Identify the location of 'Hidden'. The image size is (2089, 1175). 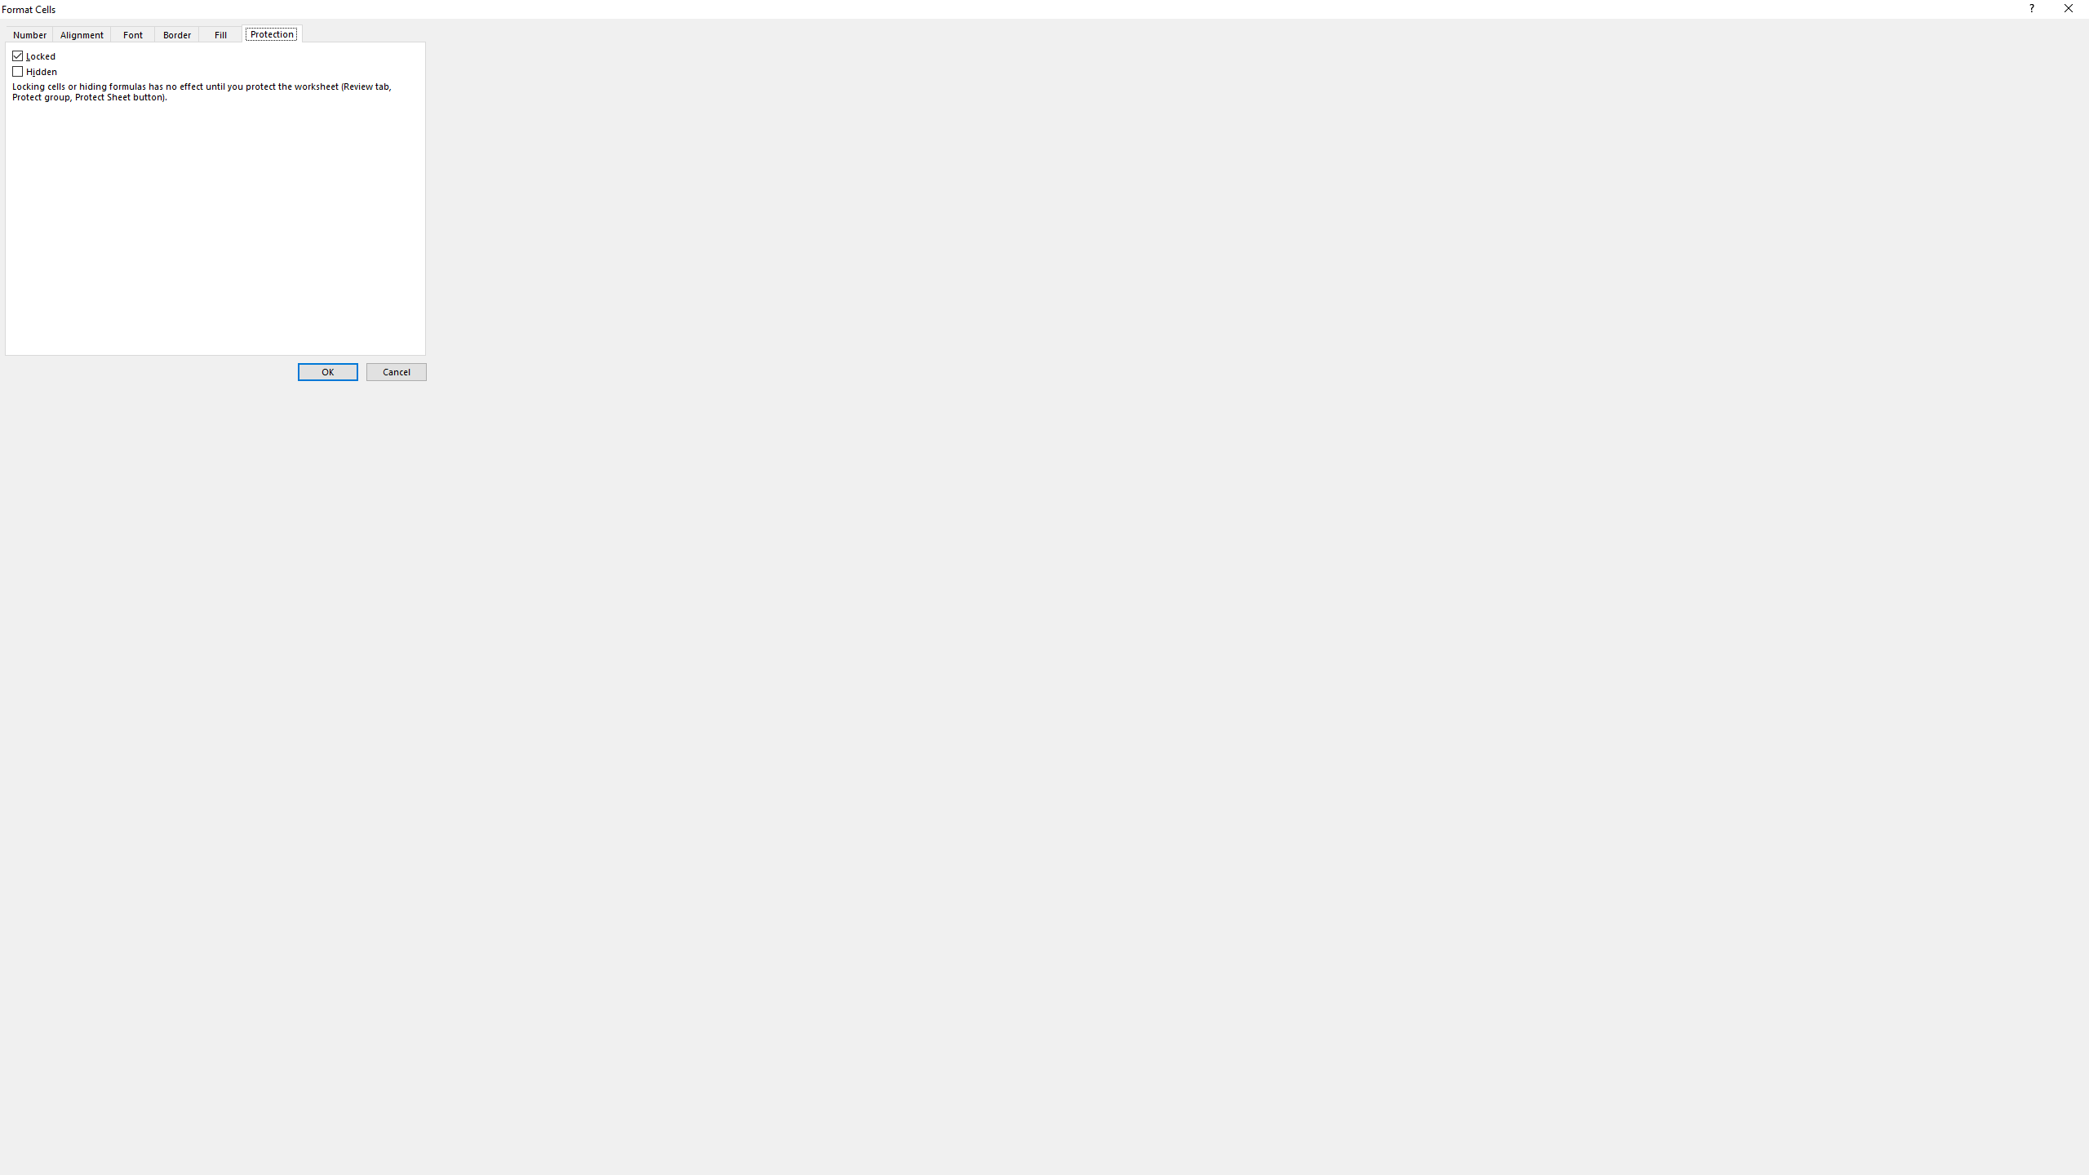
(36, 72).